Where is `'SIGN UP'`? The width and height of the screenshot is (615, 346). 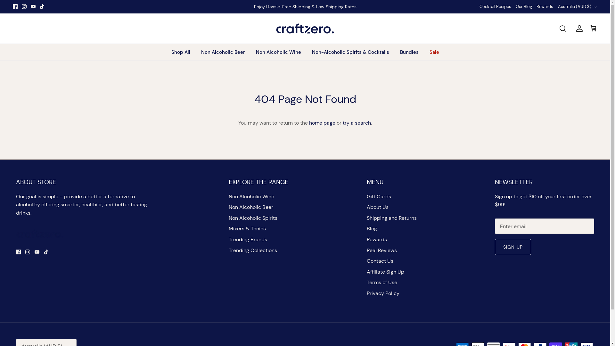 'SIGN UP' is located at coordinates (513, 247).